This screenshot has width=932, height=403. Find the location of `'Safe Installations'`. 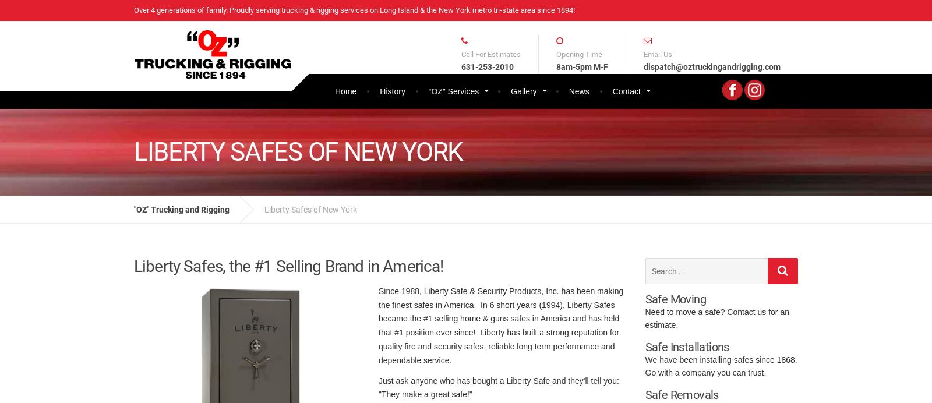

'Safe Installations' is located at coordinates (687, 345).